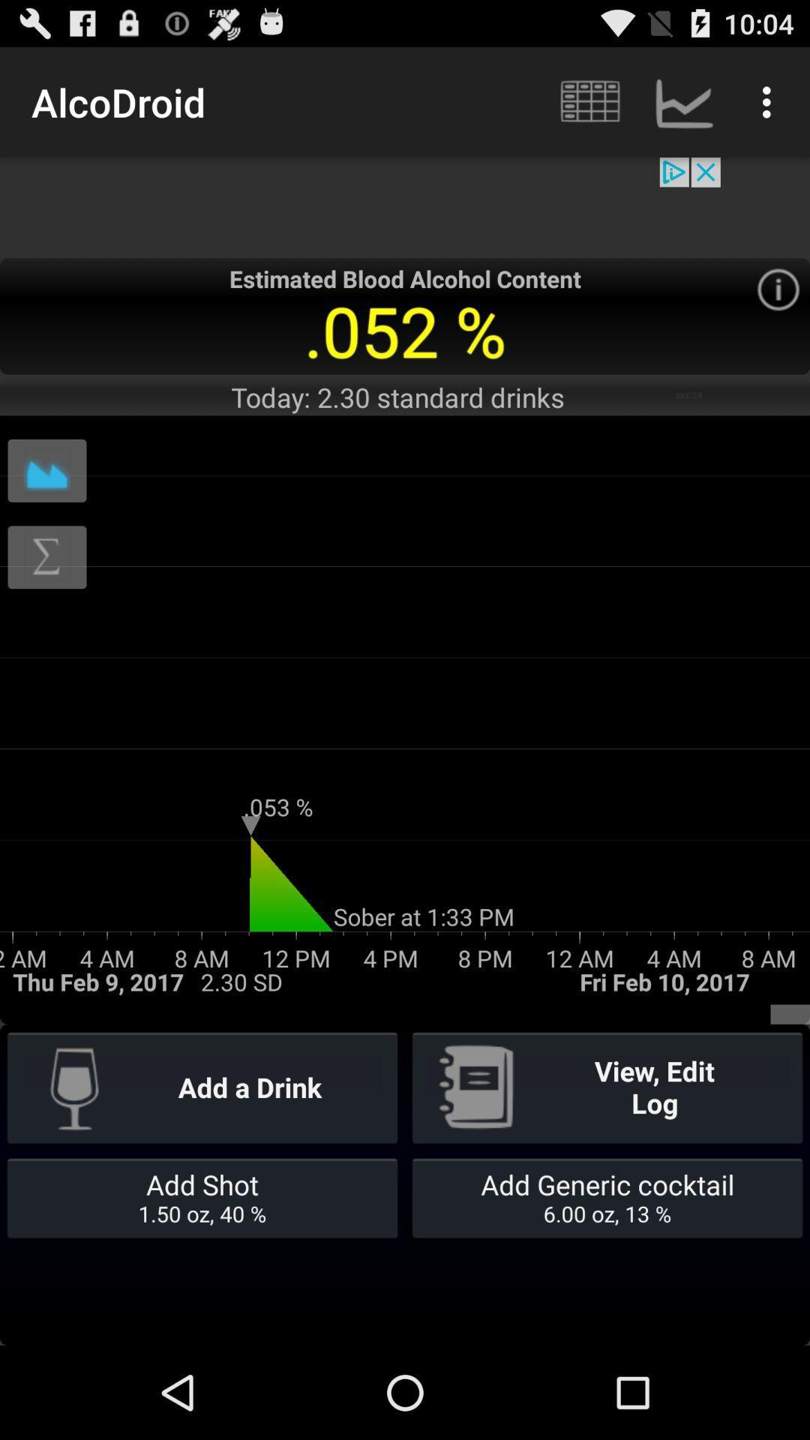 The height and width of the screenshot is (1440, 810). I want to click on the icon which is right to the text alcodroid, so click(589, 102).